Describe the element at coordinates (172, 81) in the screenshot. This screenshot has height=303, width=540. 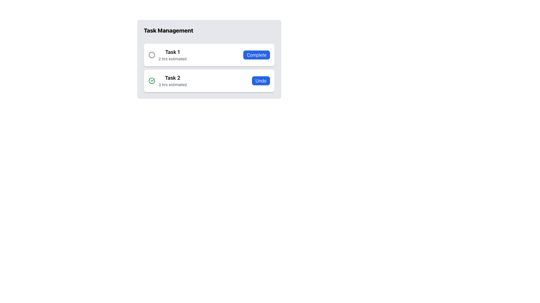
I see `the textual label that provides the title and estimated time for a specific task, located in the lower portion of the second task entry in a vertical list, to the right of a completed task icon` at that location.